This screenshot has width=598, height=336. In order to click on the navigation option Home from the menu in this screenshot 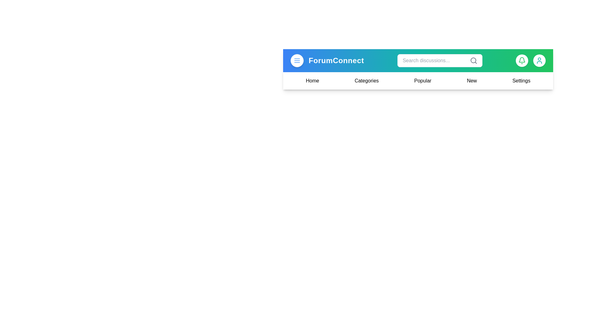, I will do `click(312, 80)`.